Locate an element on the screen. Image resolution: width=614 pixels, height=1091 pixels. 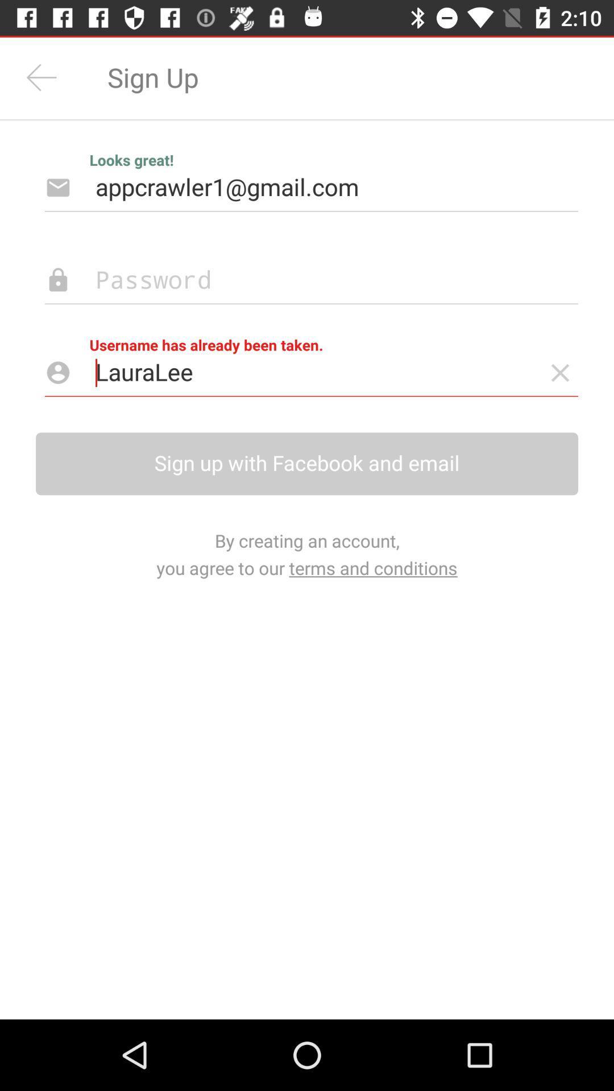
inder pega is located at coordinates (559, 373).